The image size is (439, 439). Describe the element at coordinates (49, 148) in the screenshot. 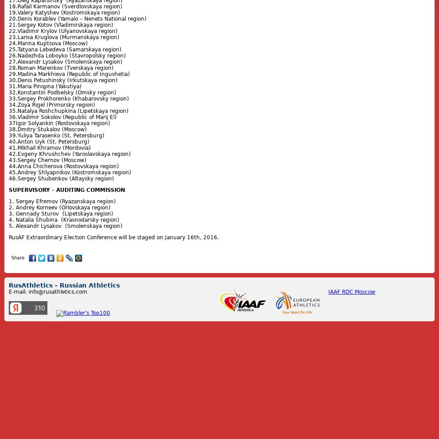

I see `'41.Mikhail Khramov (Mordovia)'` at that location.